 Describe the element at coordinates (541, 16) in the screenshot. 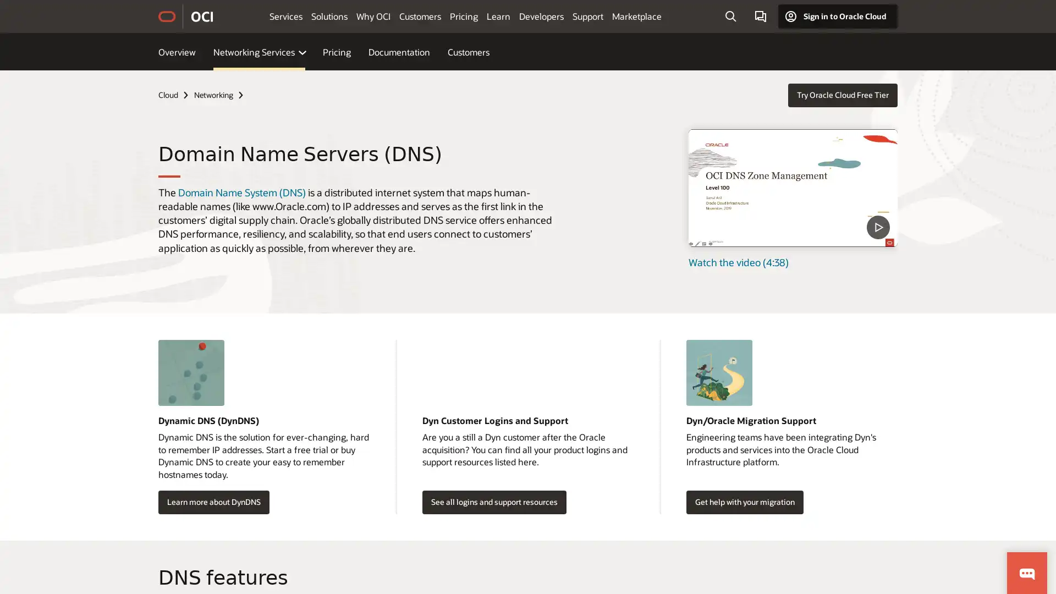

I see `Developers` at that location.